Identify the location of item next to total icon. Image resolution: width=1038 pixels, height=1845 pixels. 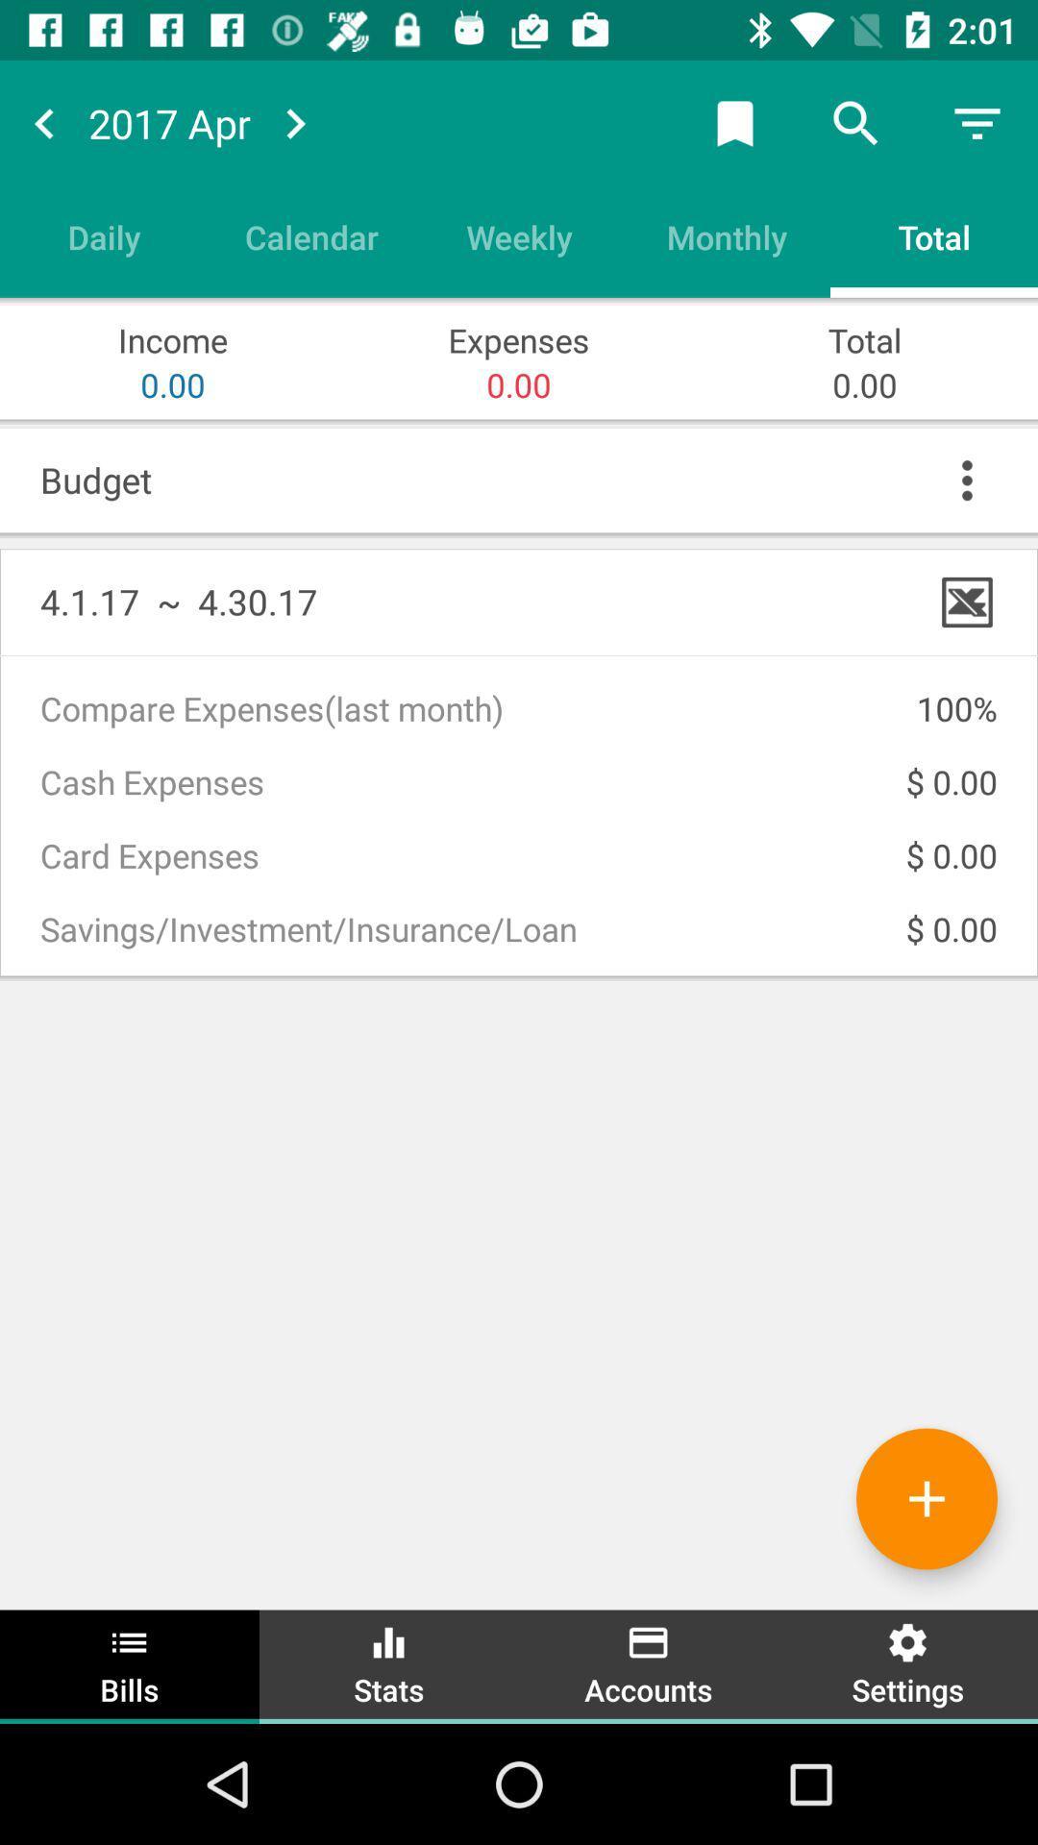
(727, 235).